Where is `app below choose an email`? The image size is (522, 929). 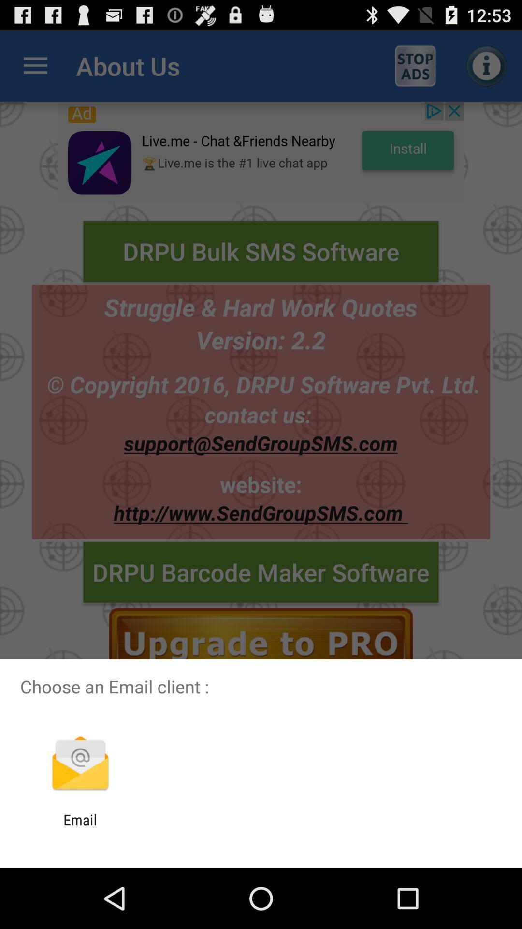 app below choose an email is located at coordinates (80, 764).